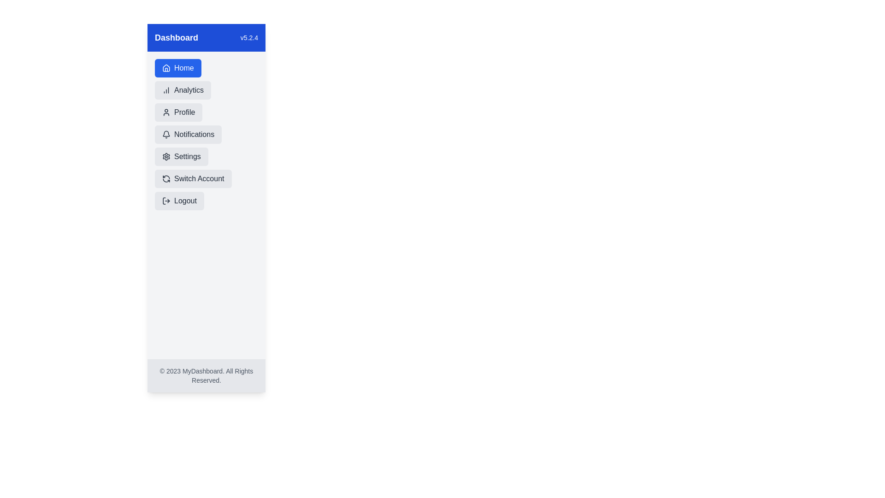 The width and height of the screenshot is (885, 498). What do you see at coordinates (188, 135) in the screenshot?
I see `the notifications button located fourth in the vertical menu, under the Home, Analytics, and Profile buttons` at bounding box center [188, 135].